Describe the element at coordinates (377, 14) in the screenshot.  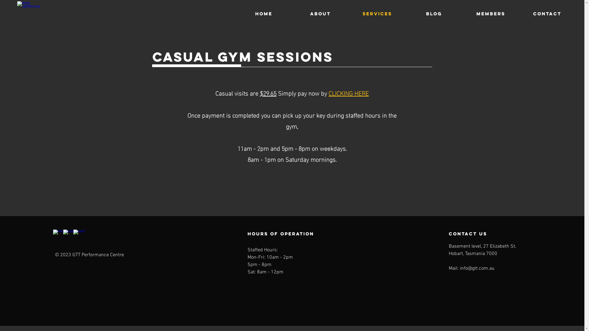
I see `'SERVICES'` at that location.